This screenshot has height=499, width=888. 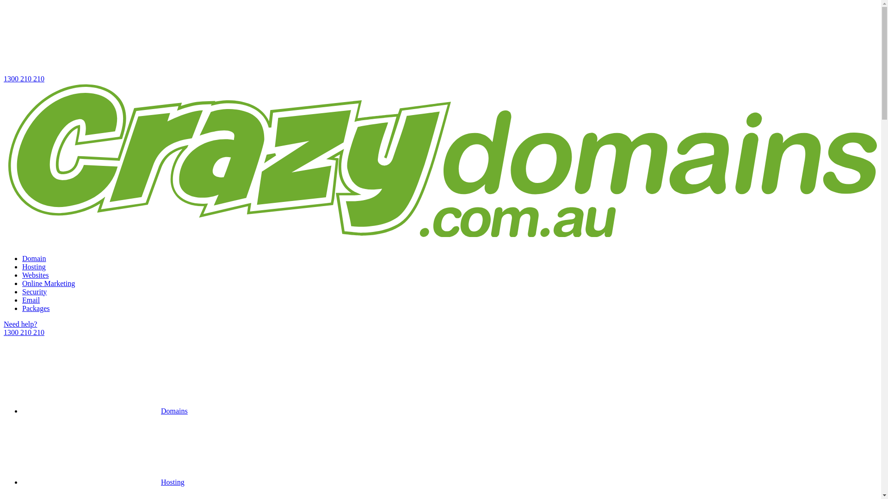 I want to click on 'Domains', so click(x=105, y=410).